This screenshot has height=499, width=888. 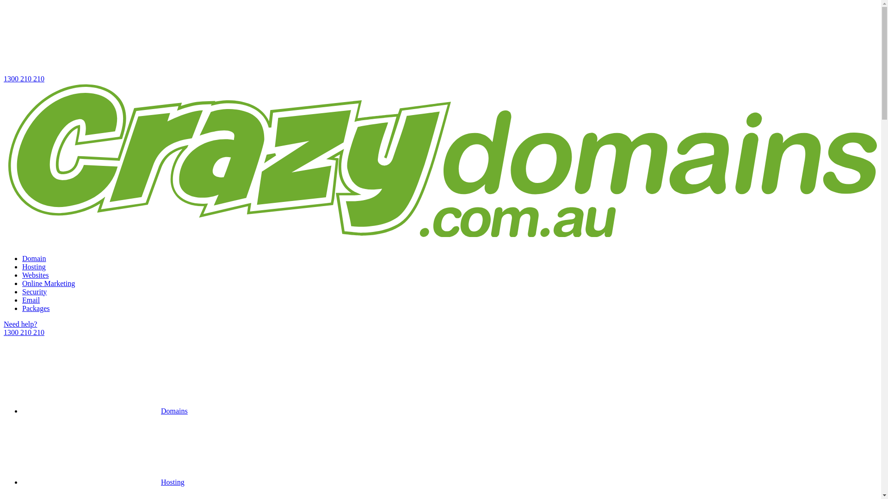 I want to click on 'Domains', so click(x=105, y=410).